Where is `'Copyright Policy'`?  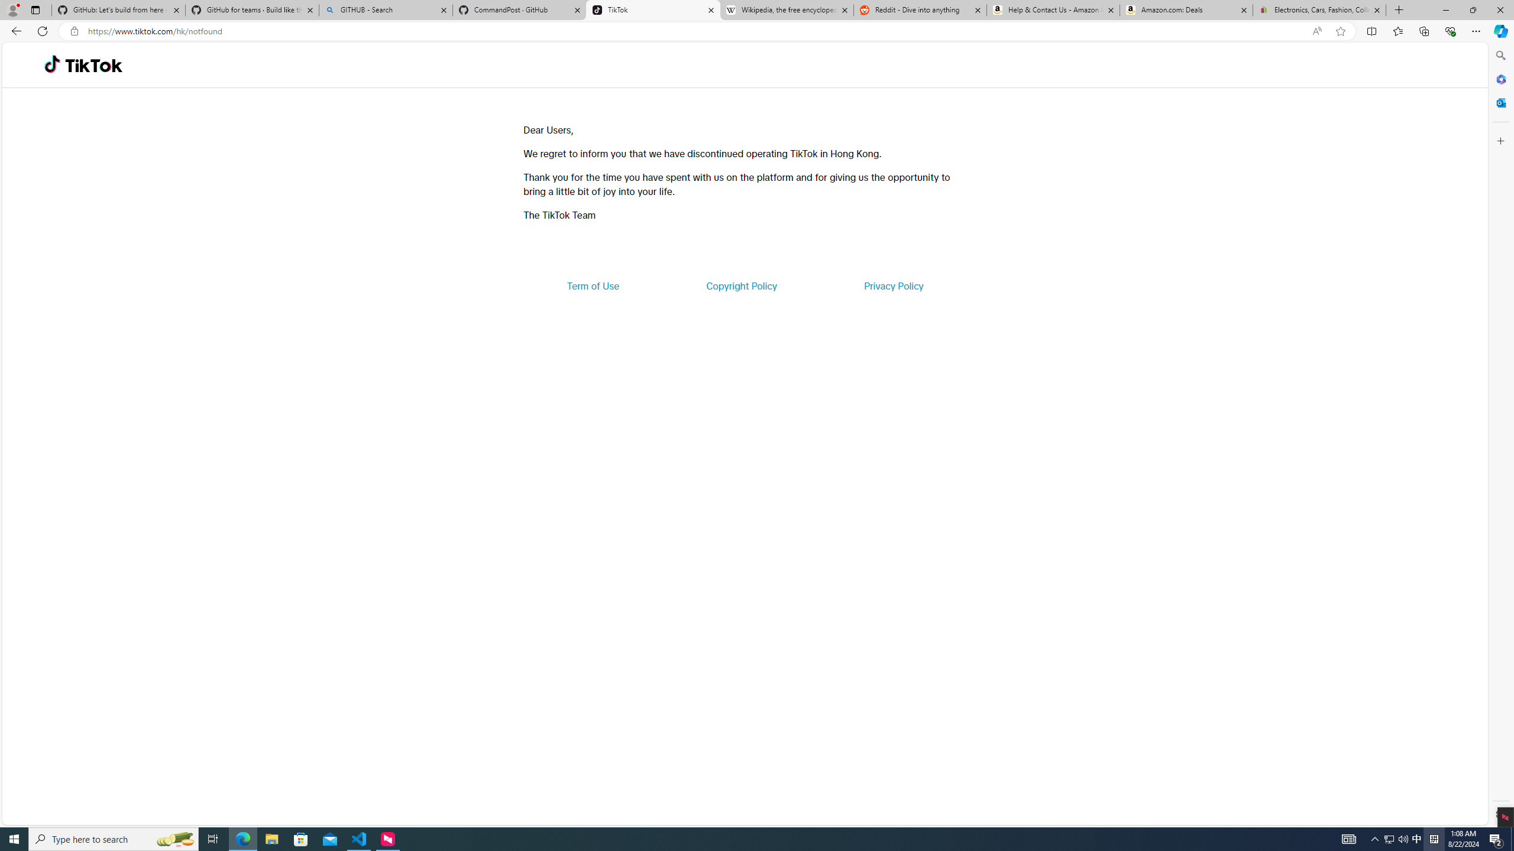 'Copyright Policy' is located at coordinates (740, 285).